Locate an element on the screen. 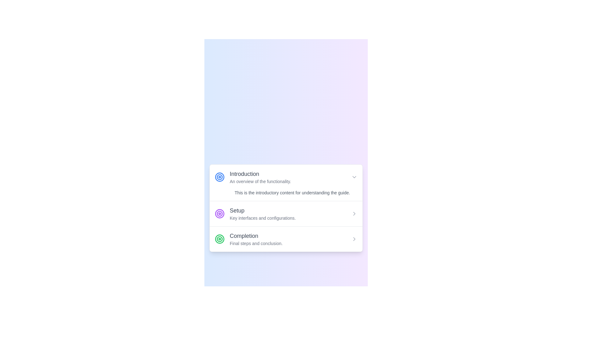  the circular target icon with three concentric rings in blue, located next to the 'Introduction' text header is located at coordinates (219, 177).